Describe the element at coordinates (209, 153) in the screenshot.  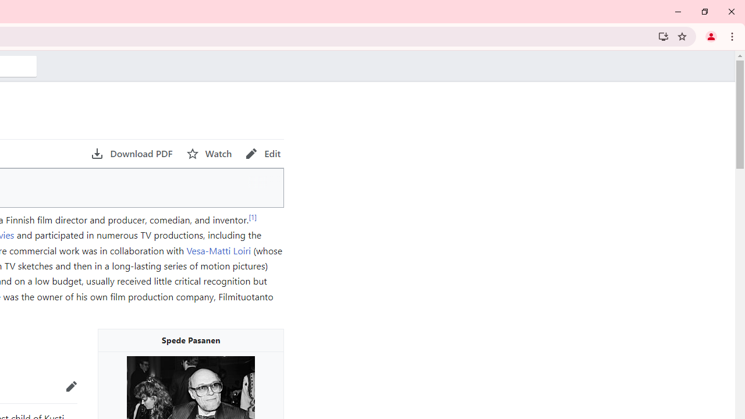
I see `'Watch'` at that location.